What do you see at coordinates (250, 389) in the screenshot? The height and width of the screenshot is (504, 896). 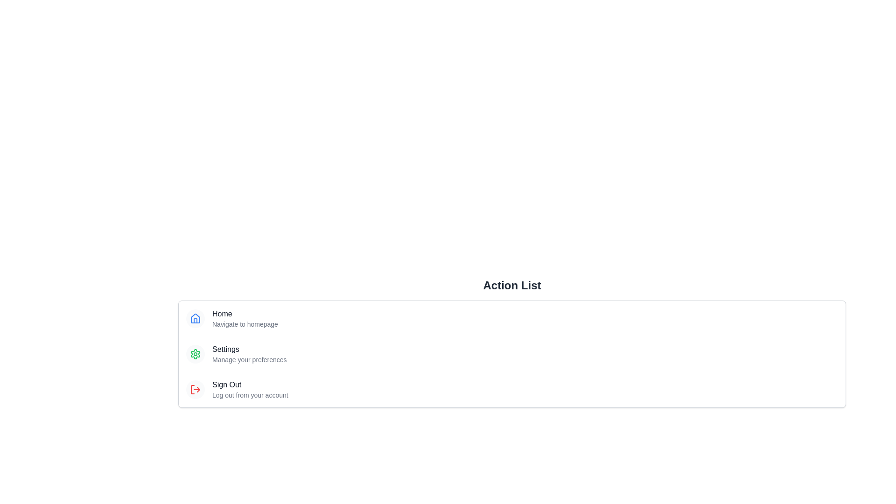 I see `the clickable text option for logging out, which is the third item in a vertically aligned list located in the lower-left part of the interface` at bounding box center [250, 389].